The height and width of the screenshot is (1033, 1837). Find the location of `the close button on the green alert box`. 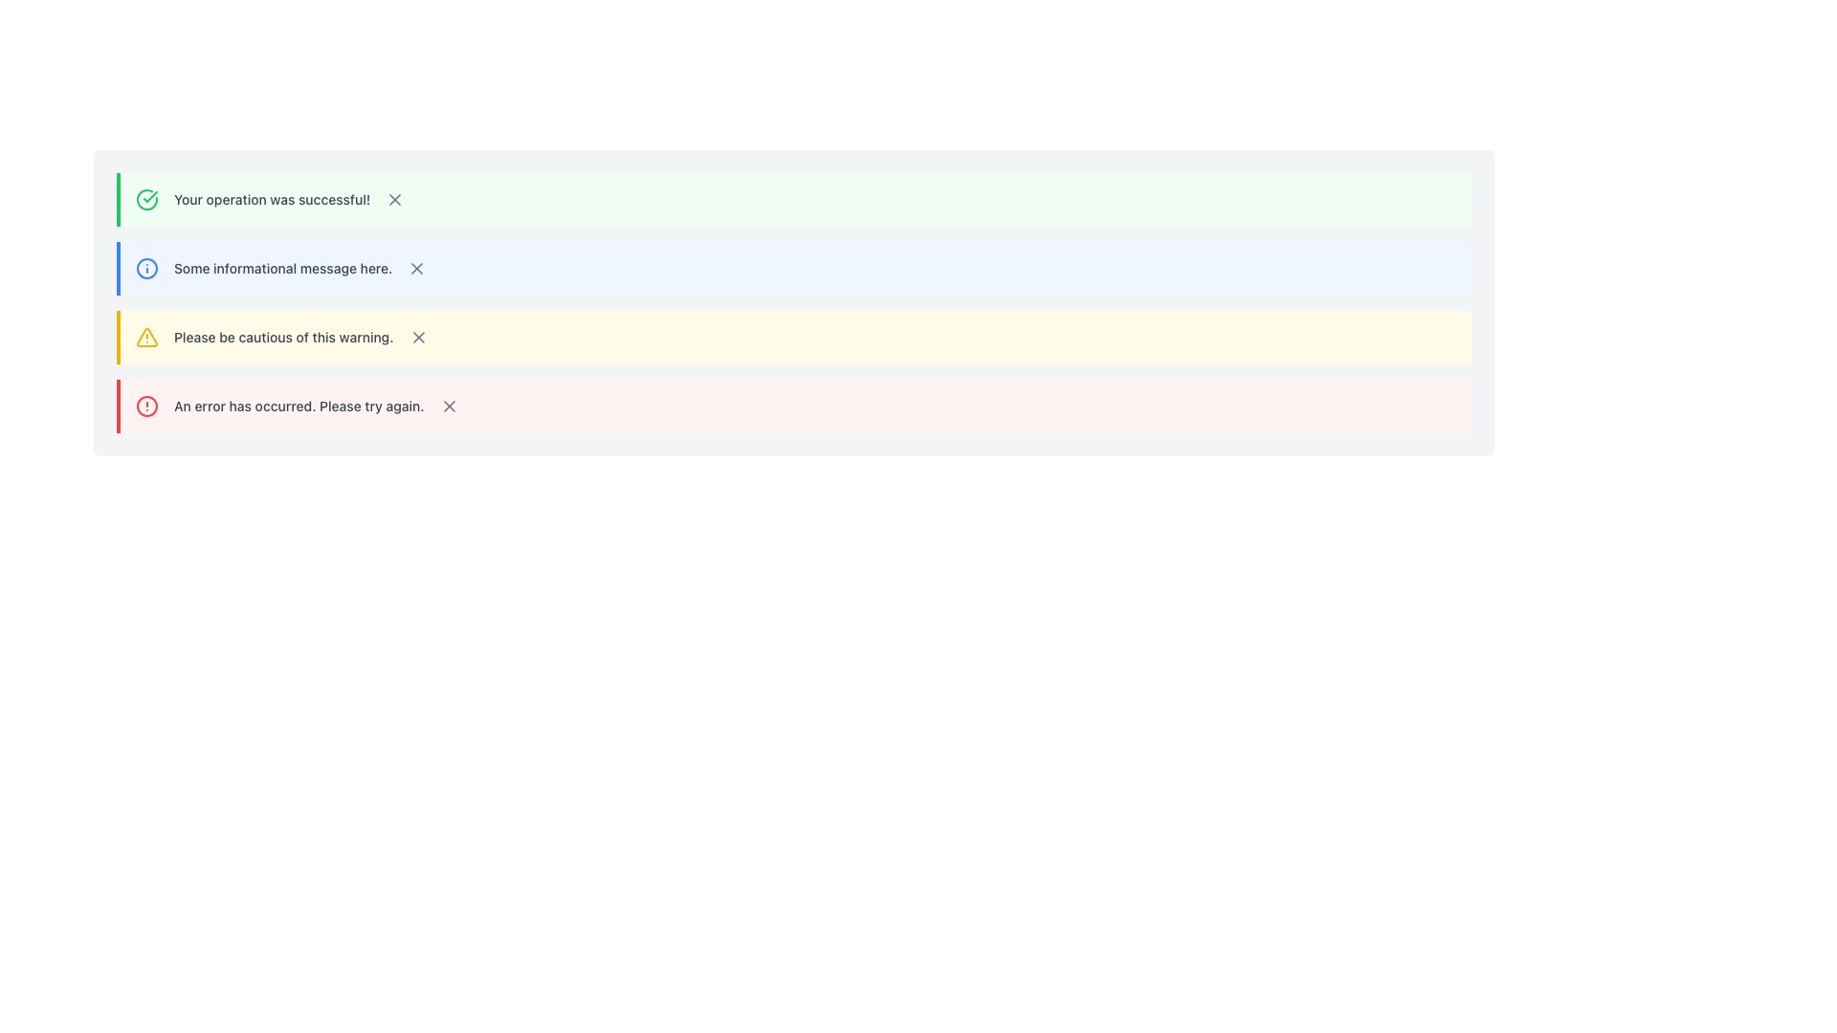

the close button on the green alert box is located at coordinates (394, 199).